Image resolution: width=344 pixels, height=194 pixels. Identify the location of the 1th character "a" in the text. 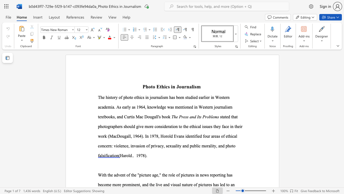
(180, 136).